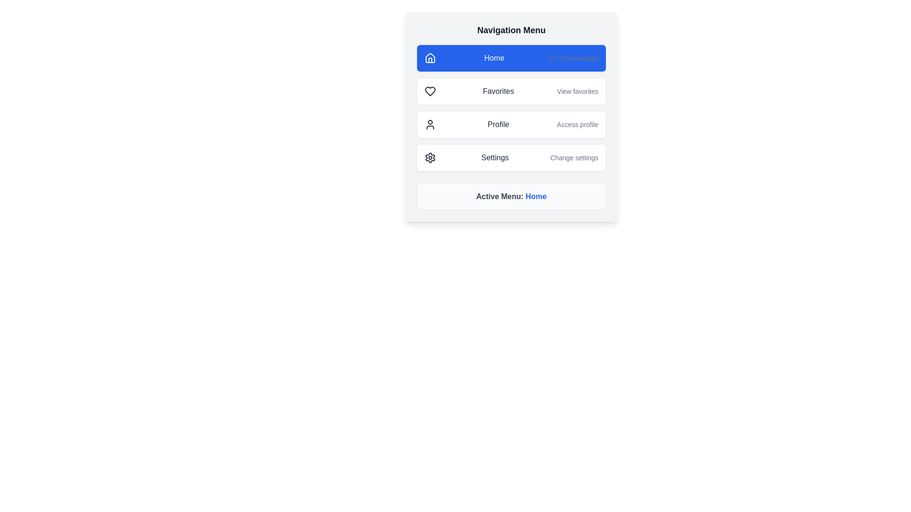  Describe the element at coordinates (511, 30) in the screenshot. I see `text from the prominent 'Navigation Menu' label located at the top of the navigation section` at that location.